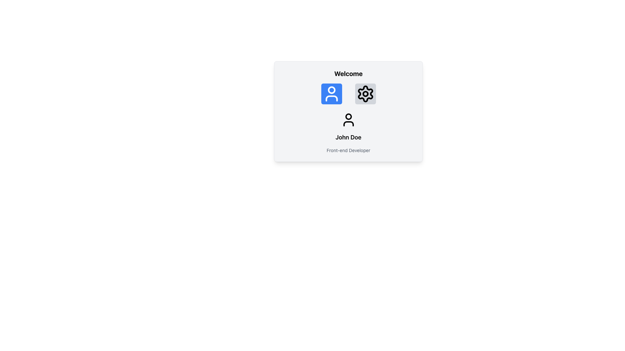  What do you see at coordinates (348, 150) in the screenshot?
I see `the text label displaying 'Front-end Developer' in light gray font at the bottom of the content grouping` at bounding box center [348, 150].